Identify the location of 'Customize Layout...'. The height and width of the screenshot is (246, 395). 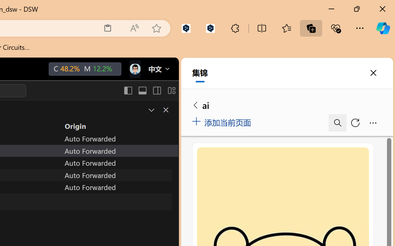
(171, 90).